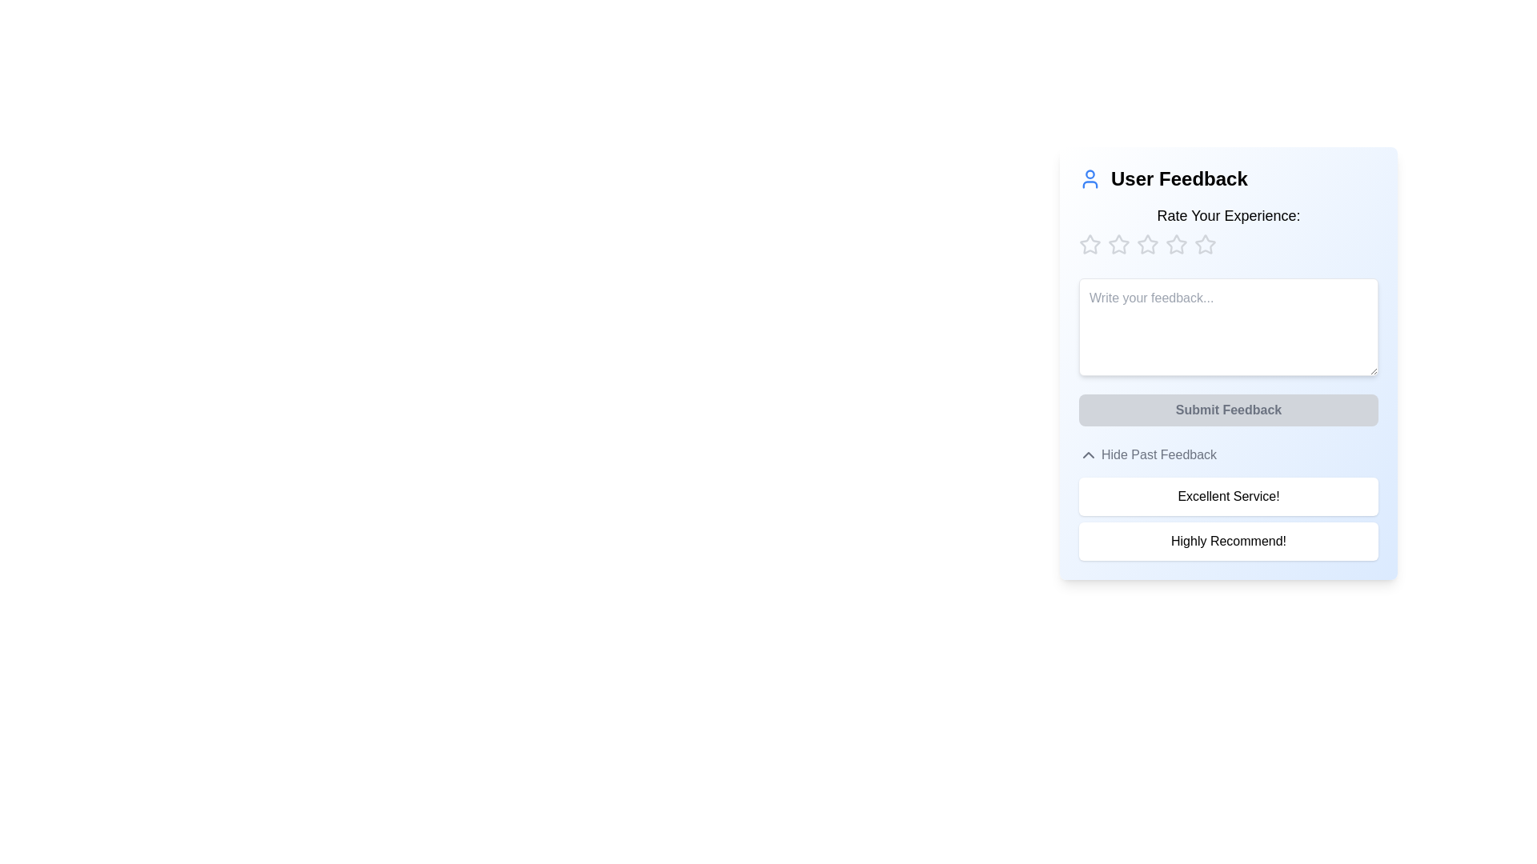  Describe the element at coordinates (1228, 216) in the screenshot. I see `the text label that says 'Rate Your Experience:' located at the top of the feedback form` at that location.